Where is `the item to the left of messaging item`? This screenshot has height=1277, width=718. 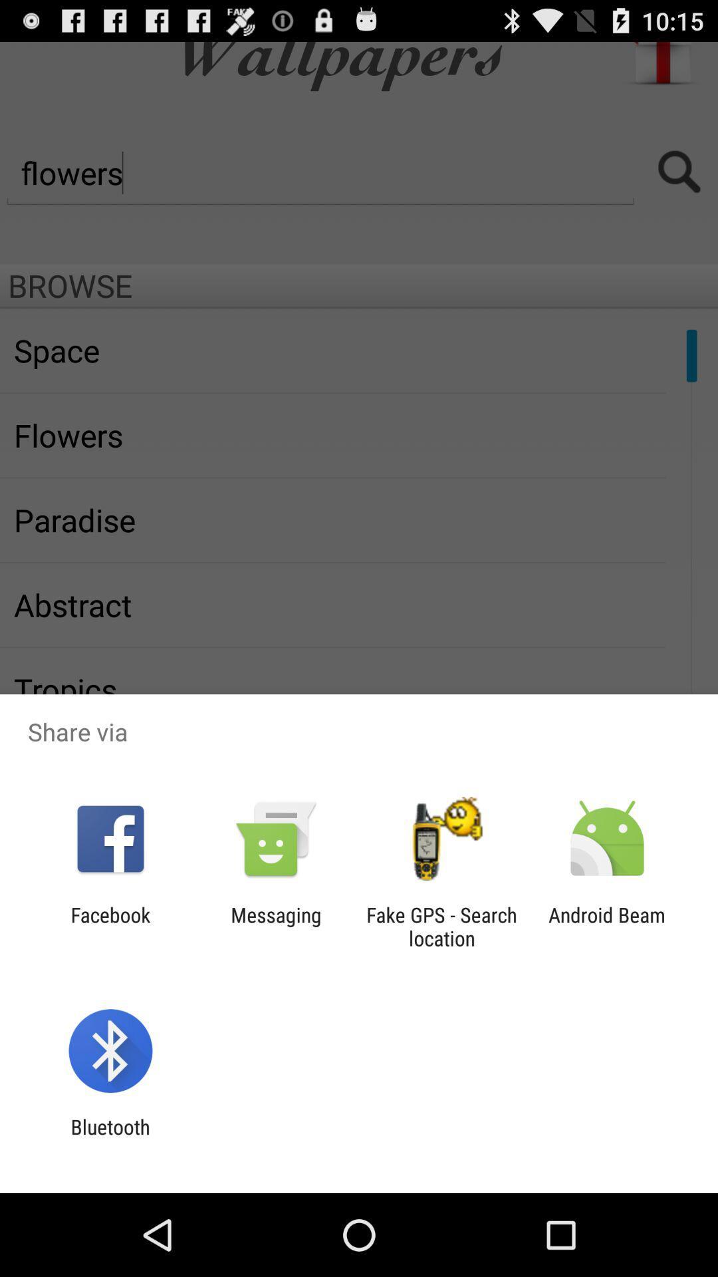
the item to the left of messaging item is located at coordinates (110, 926).